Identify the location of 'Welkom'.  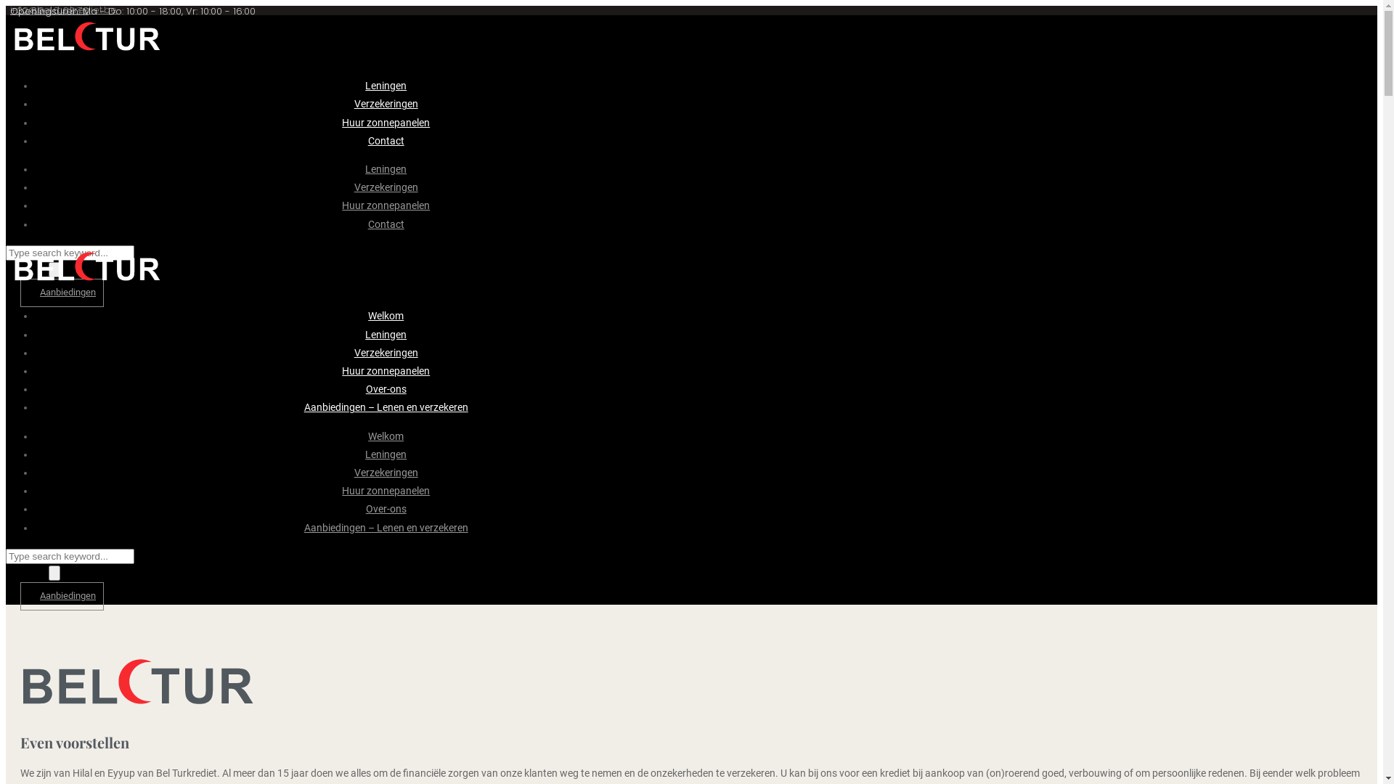
(386, 315).